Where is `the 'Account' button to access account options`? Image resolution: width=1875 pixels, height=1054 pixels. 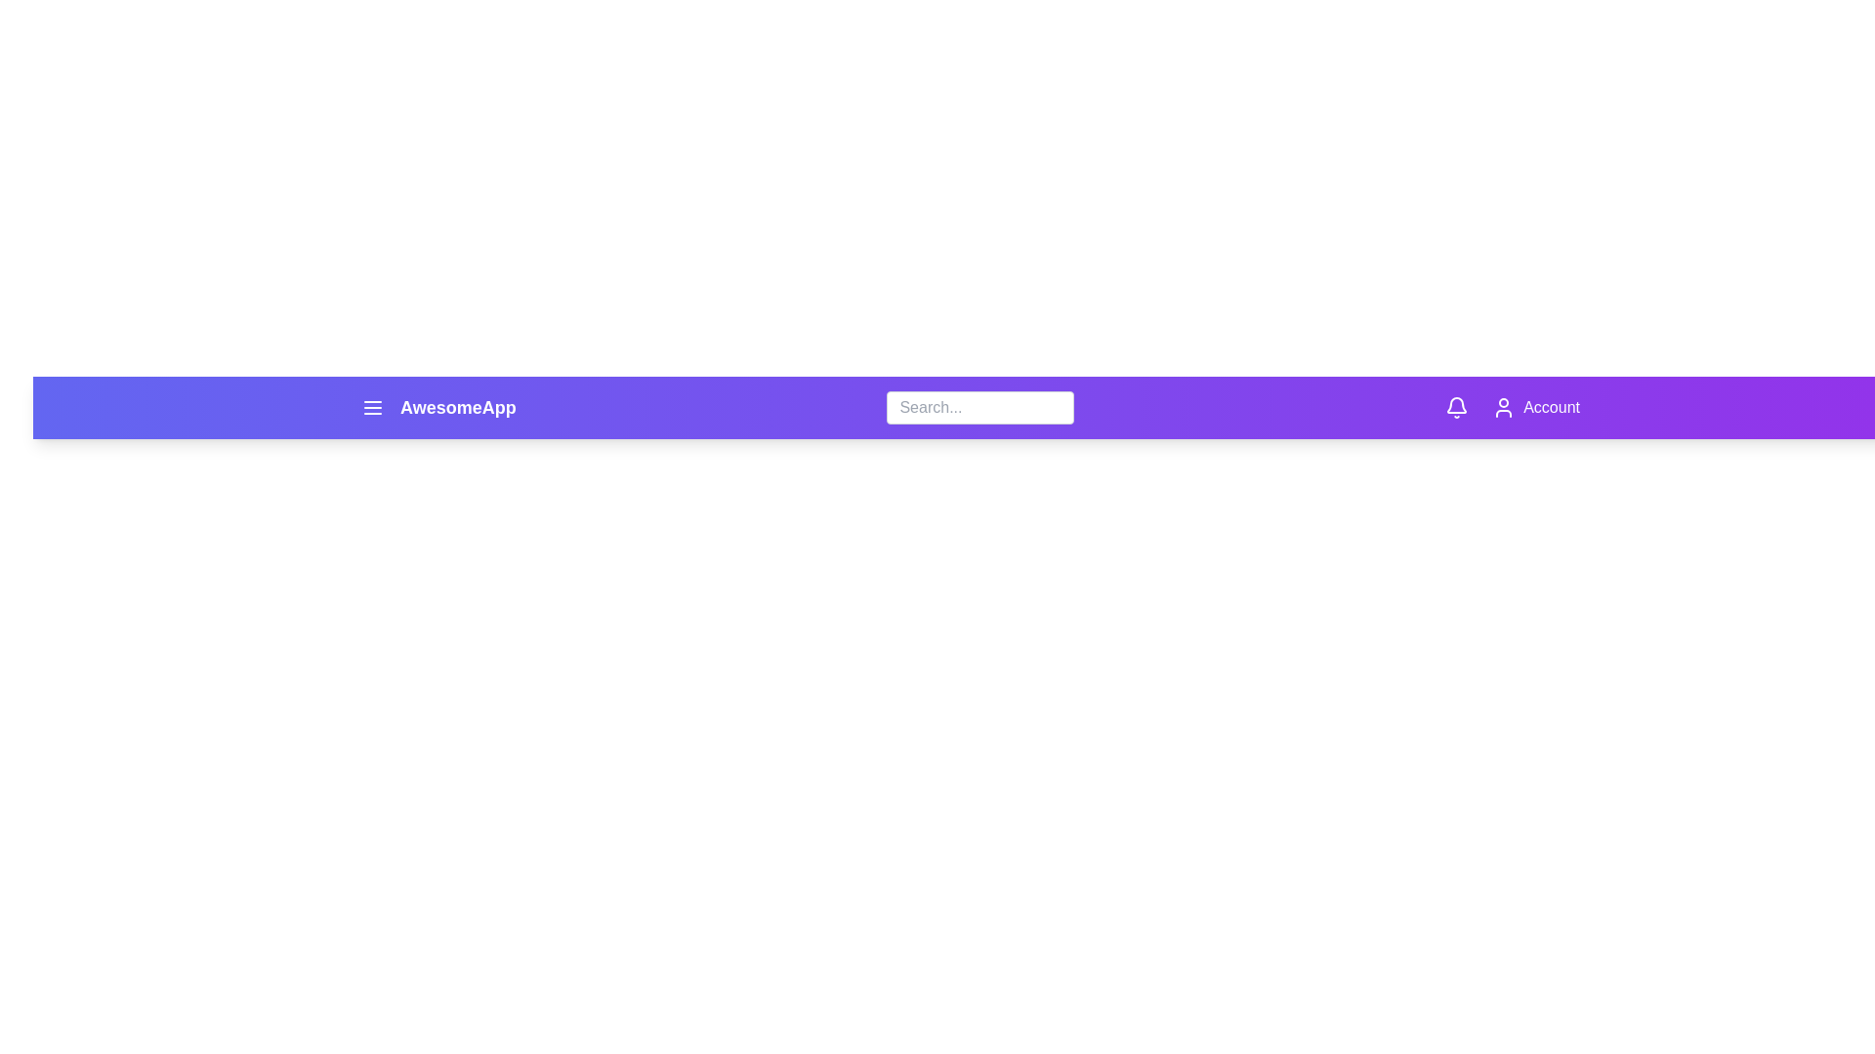
the 'Account' button to access account options is located at coordinates (1535, 406).